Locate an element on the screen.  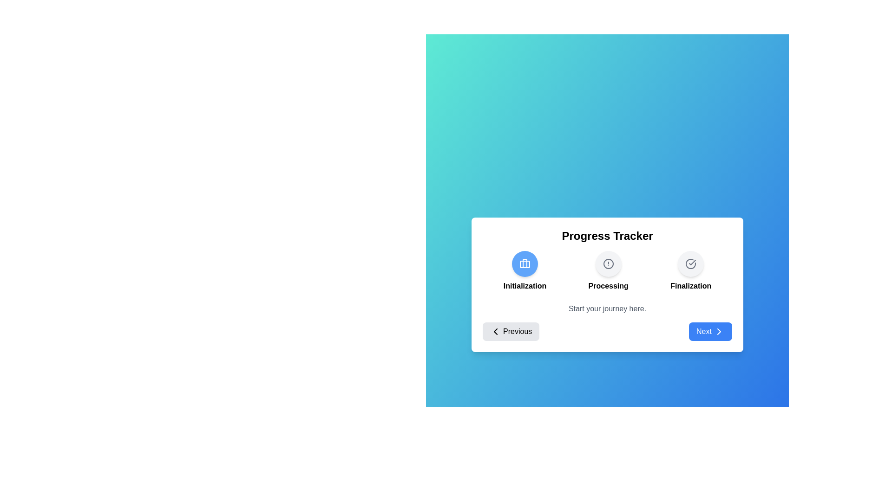
'Previous' button to navigate to the previous step is located at coordinates (510, 331).